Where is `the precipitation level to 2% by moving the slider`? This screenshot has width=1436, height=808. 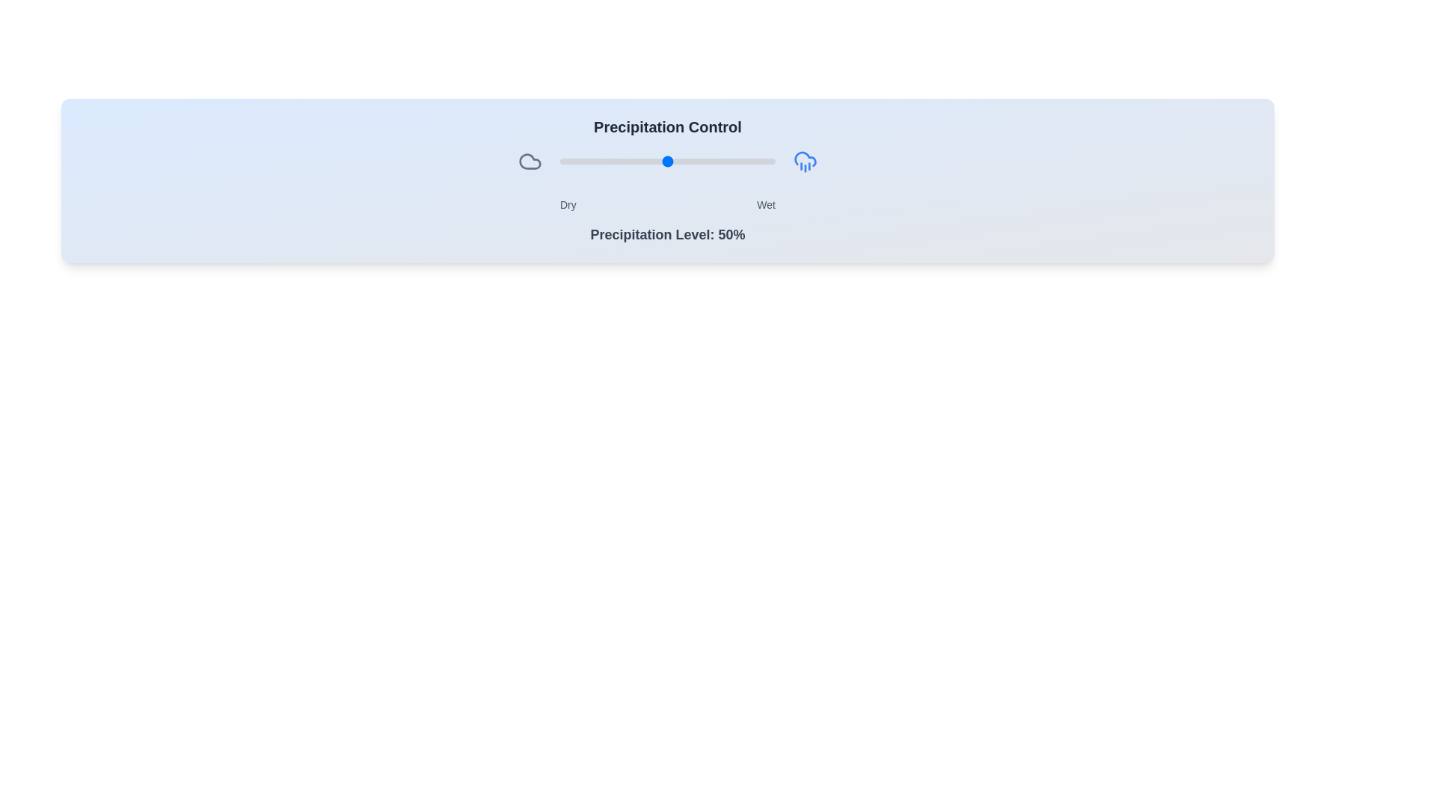 the precipitation level to 2% by moving the slider is located at coordinates (563, 162).